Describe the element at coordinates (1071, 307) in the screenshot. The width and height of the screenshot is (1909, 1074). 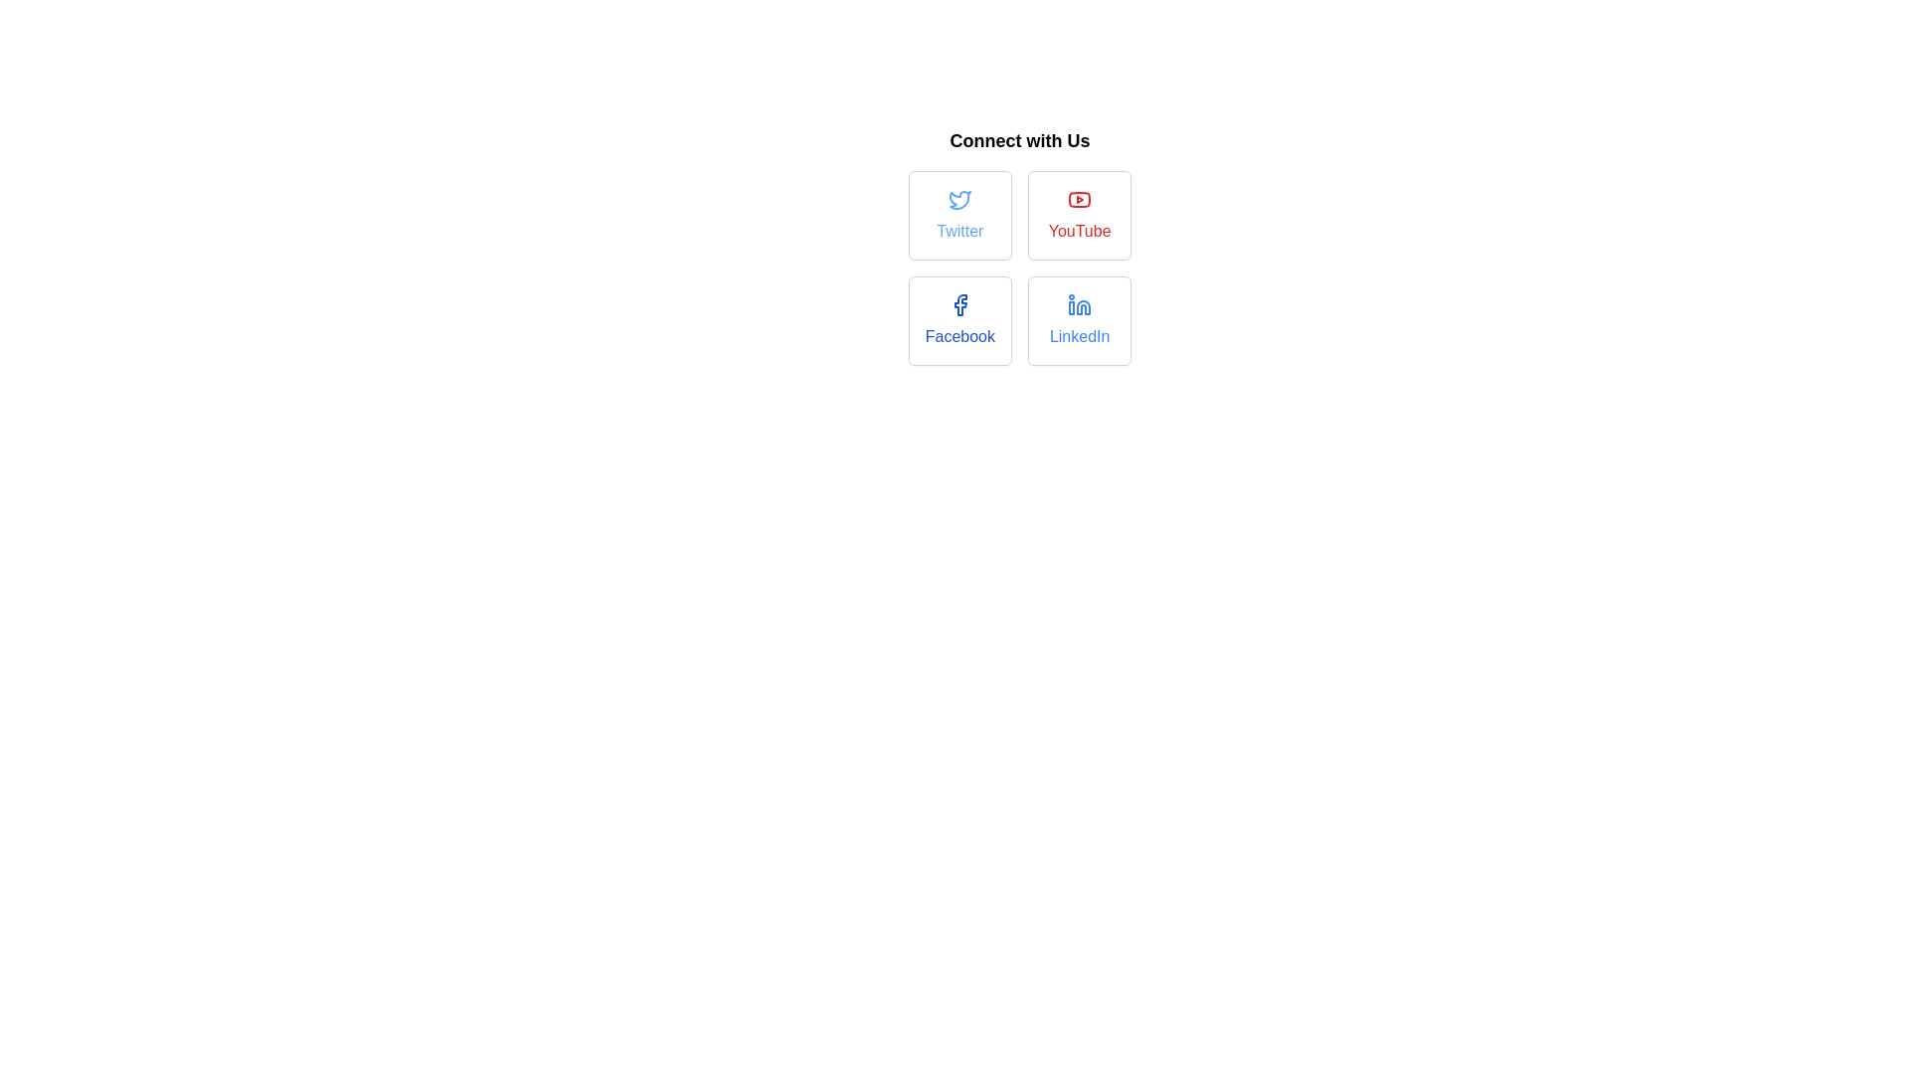
I see `the SVG graphic element representing a segment of the letter 'i' in the LinkedIn logo, located in the lower right corner of the grid of social media icons under 'Connect with Us'` at that location.